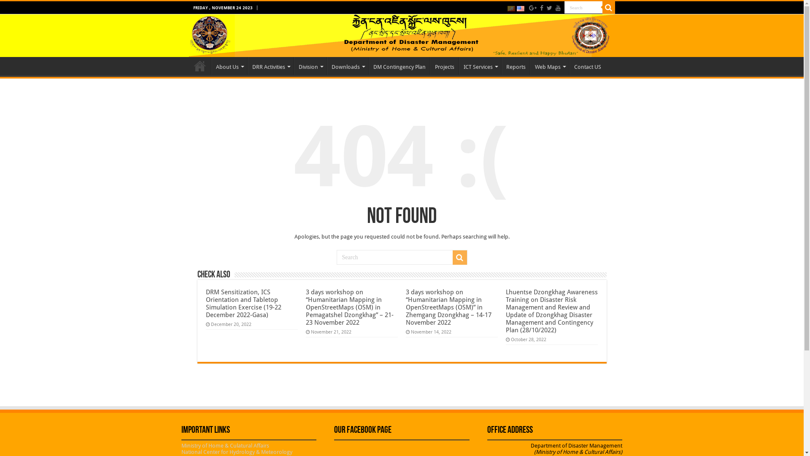 The image size is (810, 456). Describe the element at coordinates (538, 8) in the screenshot. I see `'Facebook'` at that location.